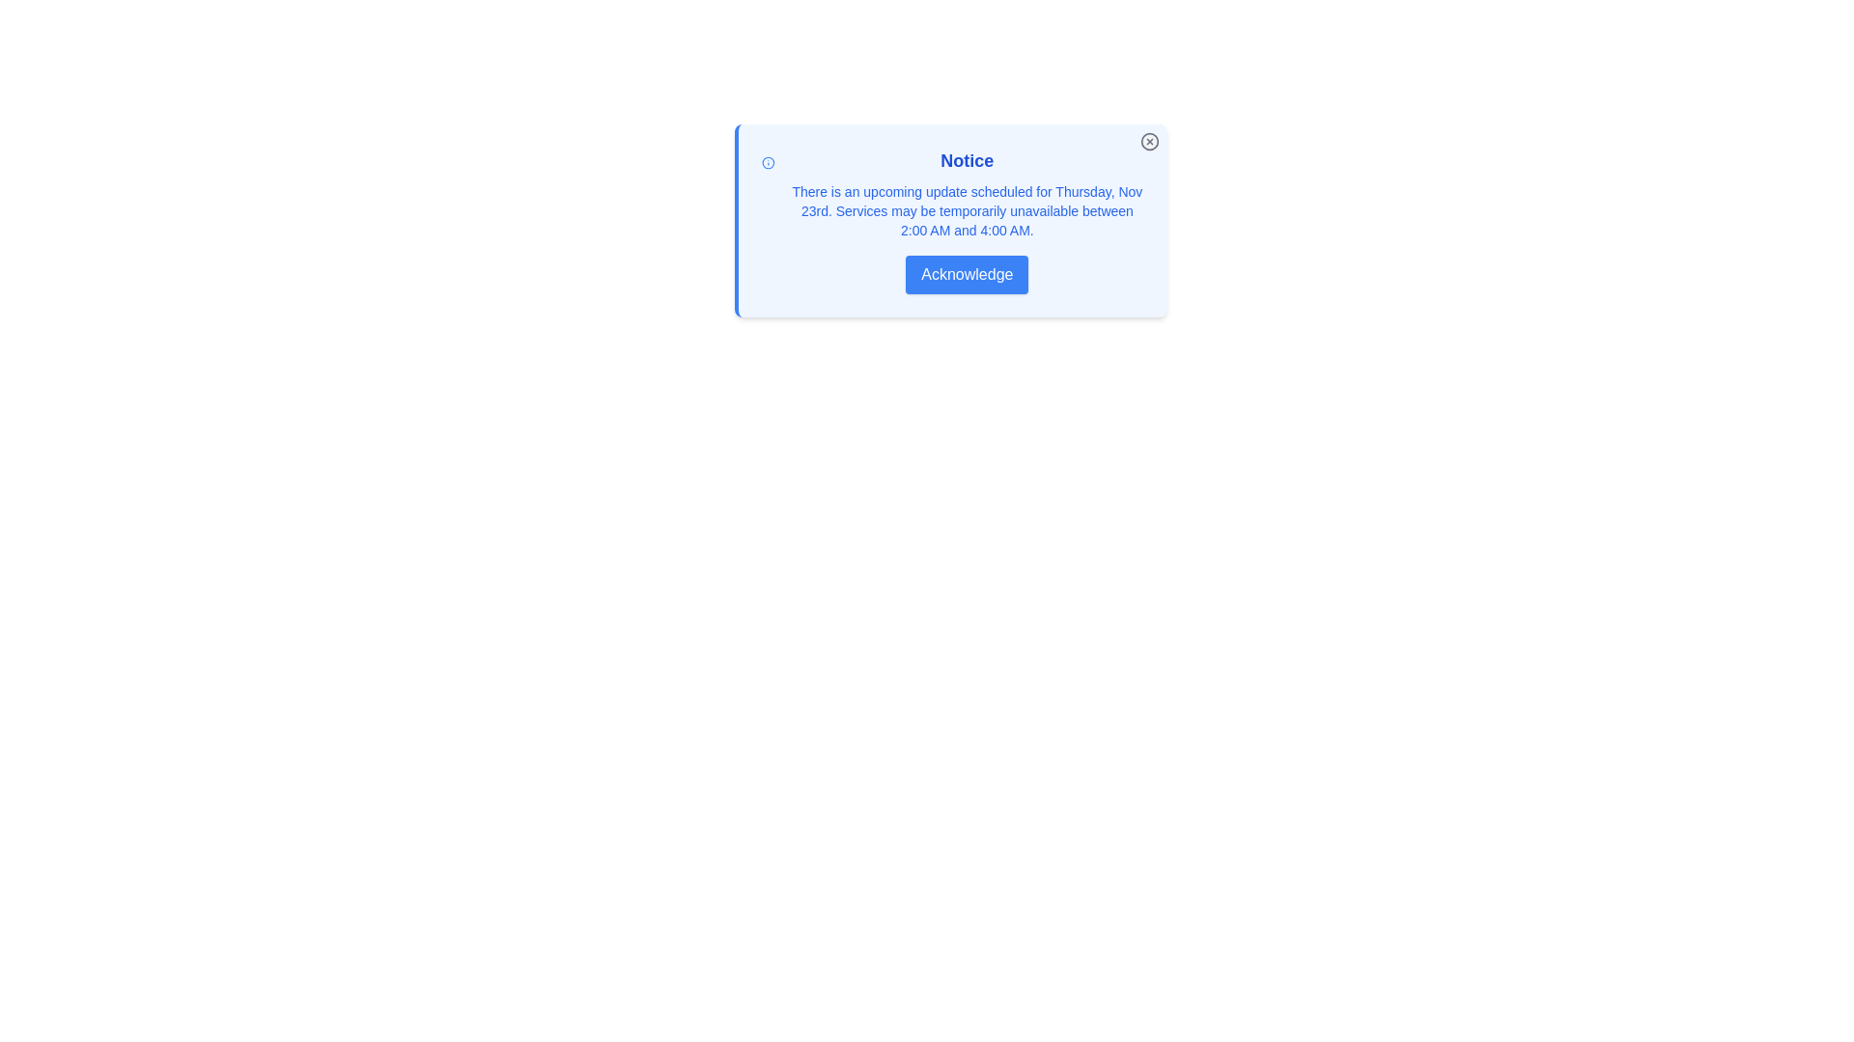  Describe the element at coordinates (967, 275) in the screenshot. I see `the acknowledgment button located at the bottom of the modal that confirms the user has read the notice` at that location.